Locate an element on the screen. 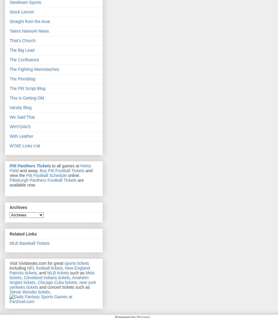 The height and width of the screenshot is (318, 278). 'to all games at' is located at coordinates (65, 166).